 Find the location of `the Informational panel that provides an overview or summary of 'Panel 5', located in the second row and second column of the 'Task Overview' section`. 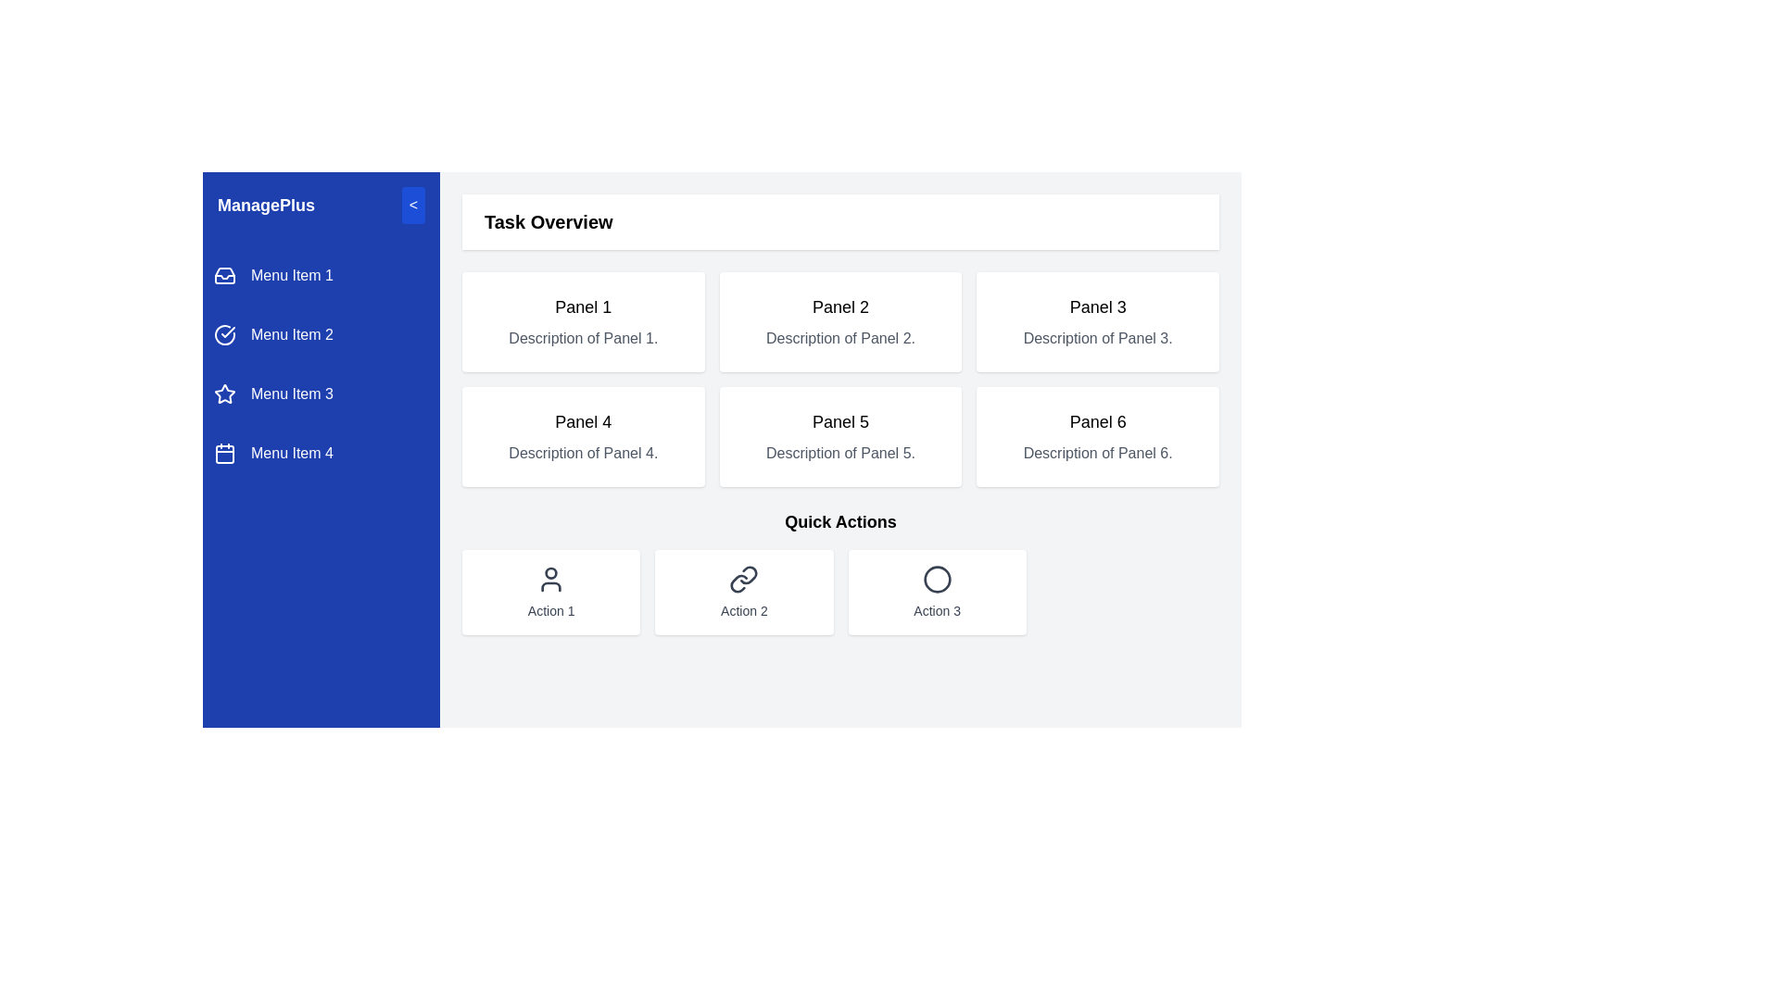

the Informational panel that provides an overview or summary of 'Panel 5', located in the second row and second column of the 'Task Overview' section is located at coordinates (839, 436).